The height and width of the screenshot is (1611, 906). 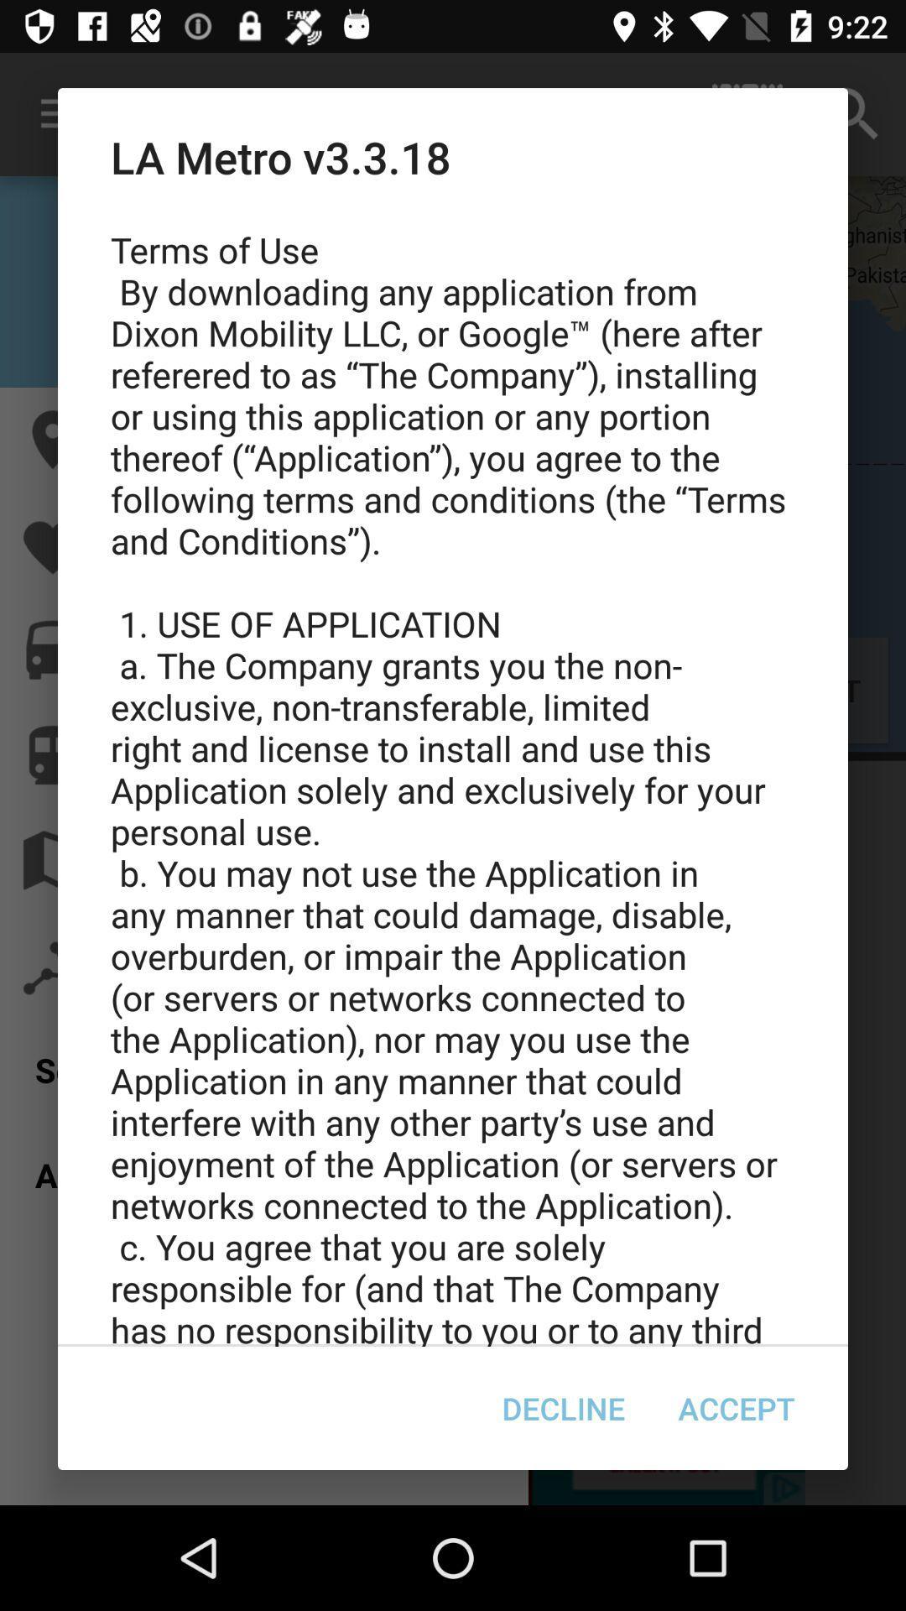 I want to click on the icon below the terms of use item, so click(x=563, y=1408).